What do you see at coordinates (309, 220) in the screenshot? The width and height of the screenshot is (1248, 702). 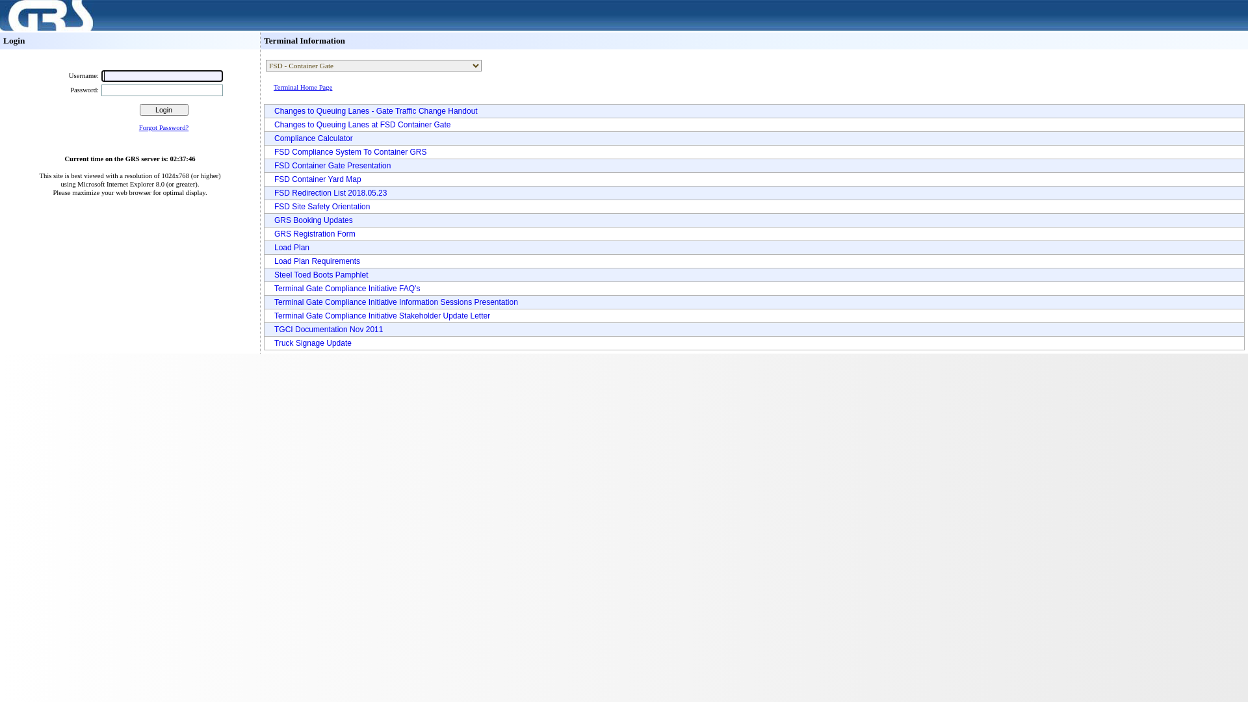 I see `'GRS Booking Updates'` at bounding box center [309, 220].